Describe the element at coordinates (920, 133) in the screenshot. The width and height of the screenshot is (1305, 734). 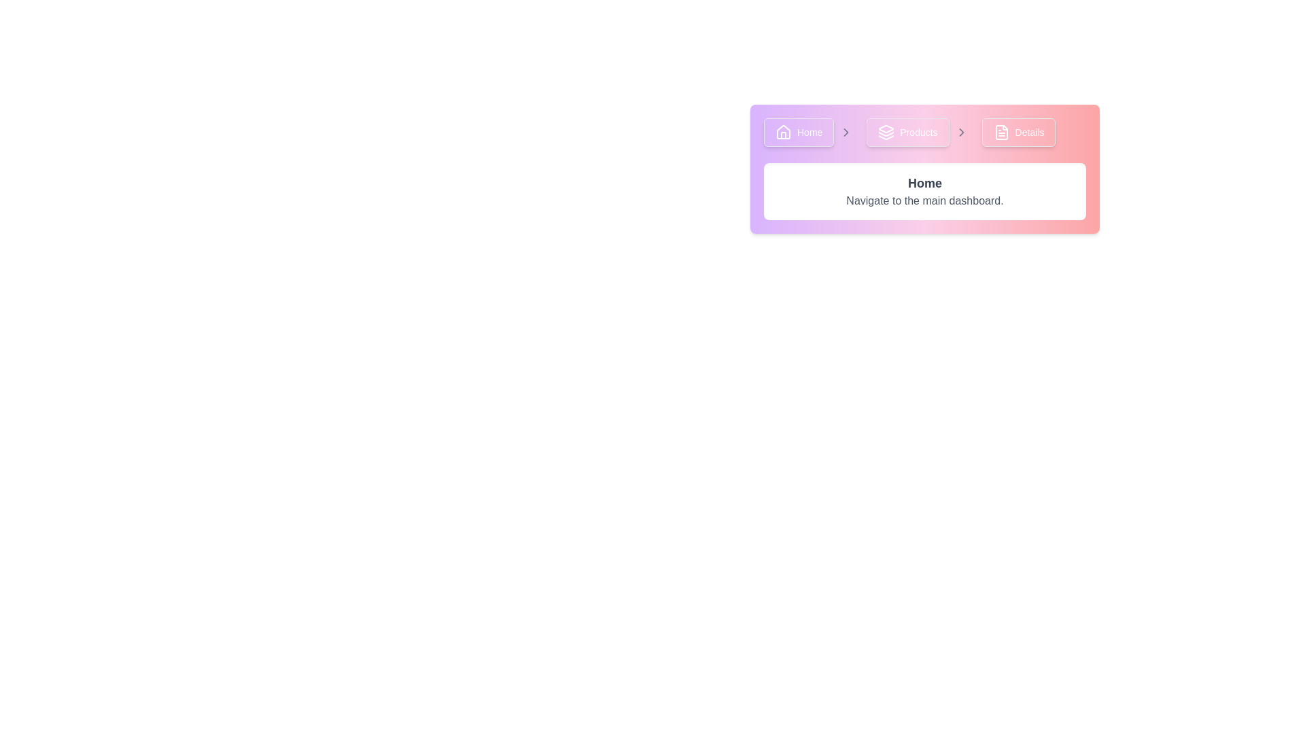
I see `the 'Products' navigation button located in the breadcrumb navigation bar between the 'Home' button and the 'Details' button for keyboard navigation` at that location.